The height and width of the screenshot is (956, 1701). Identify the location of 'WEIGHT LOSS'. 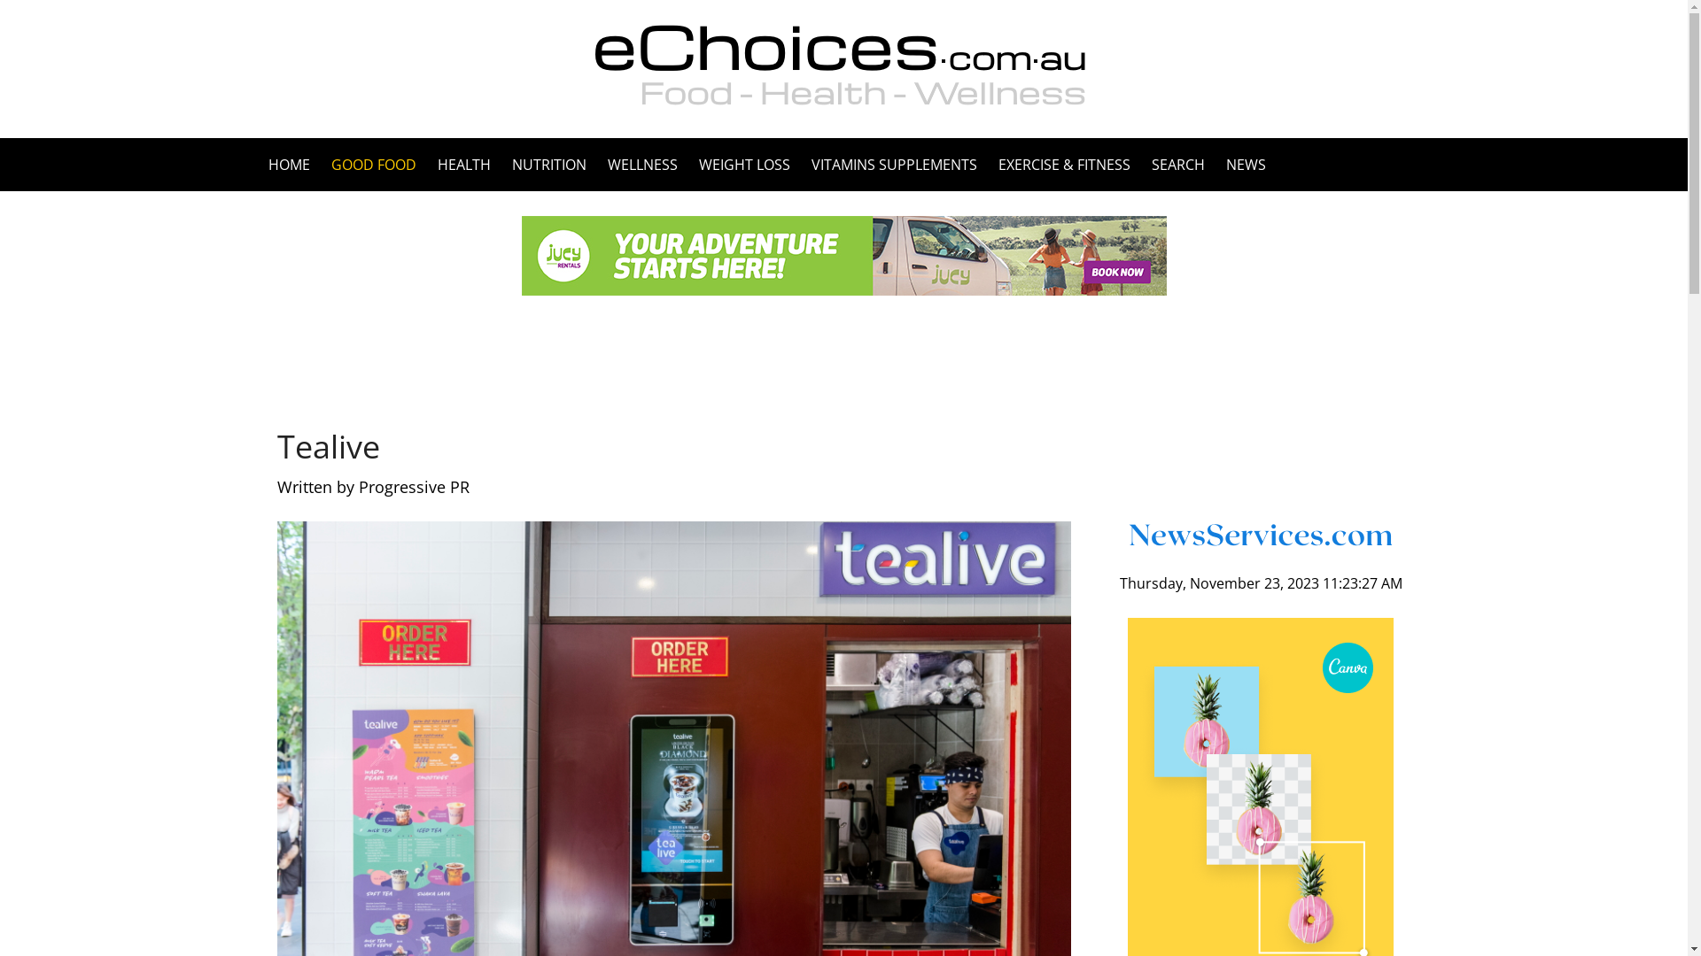
(743, 164).